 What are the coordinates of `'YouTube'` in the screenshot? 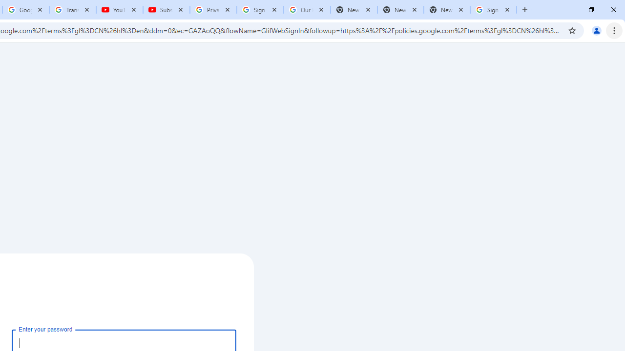 It's located at (119, 10).